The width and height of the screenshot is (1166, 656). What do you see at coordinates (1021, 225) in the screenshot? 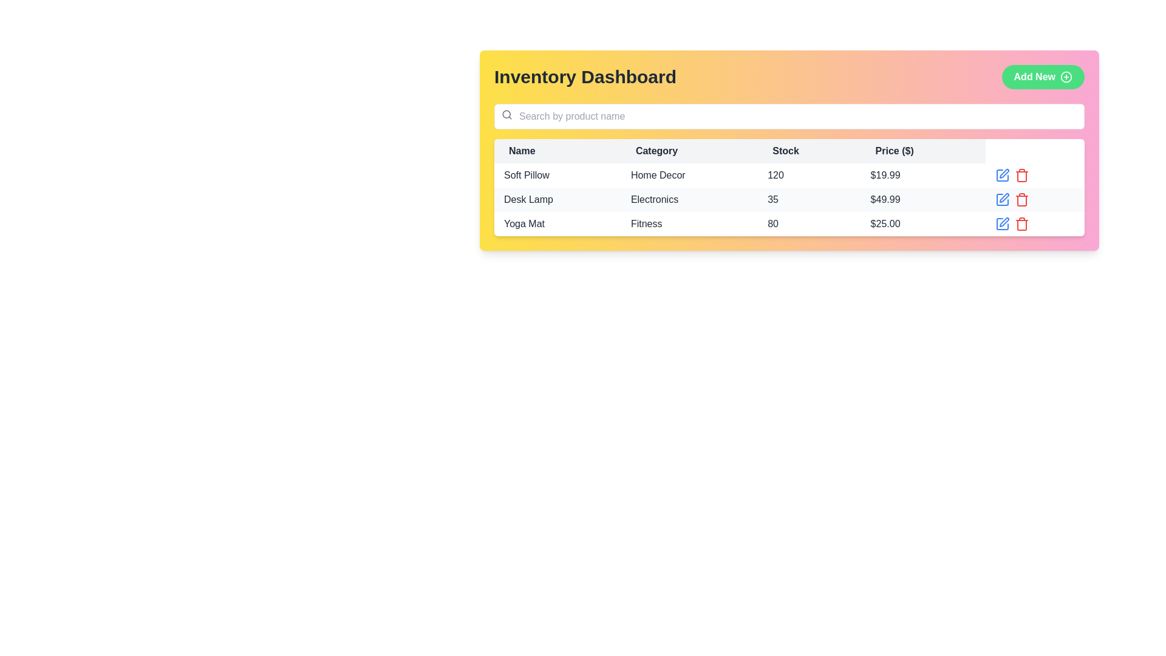
I see `the trash can icon used for delete action located in the action buttons column of the table row for the Yoga Mat item` at bounding box center [1021, 225].